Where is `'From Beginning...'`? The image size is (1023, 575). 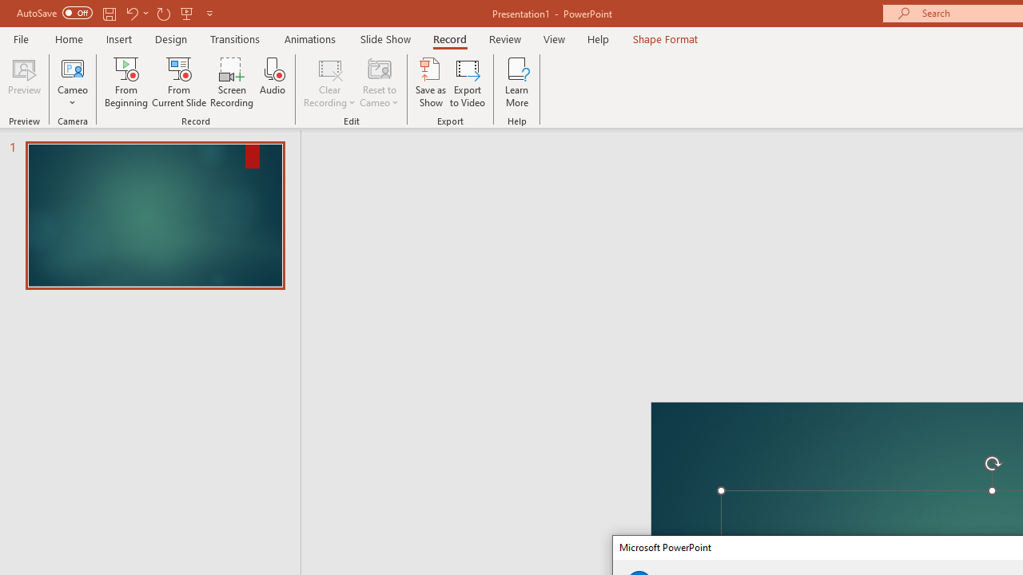 'From Beginning...' is located at coordinates (125, 82).